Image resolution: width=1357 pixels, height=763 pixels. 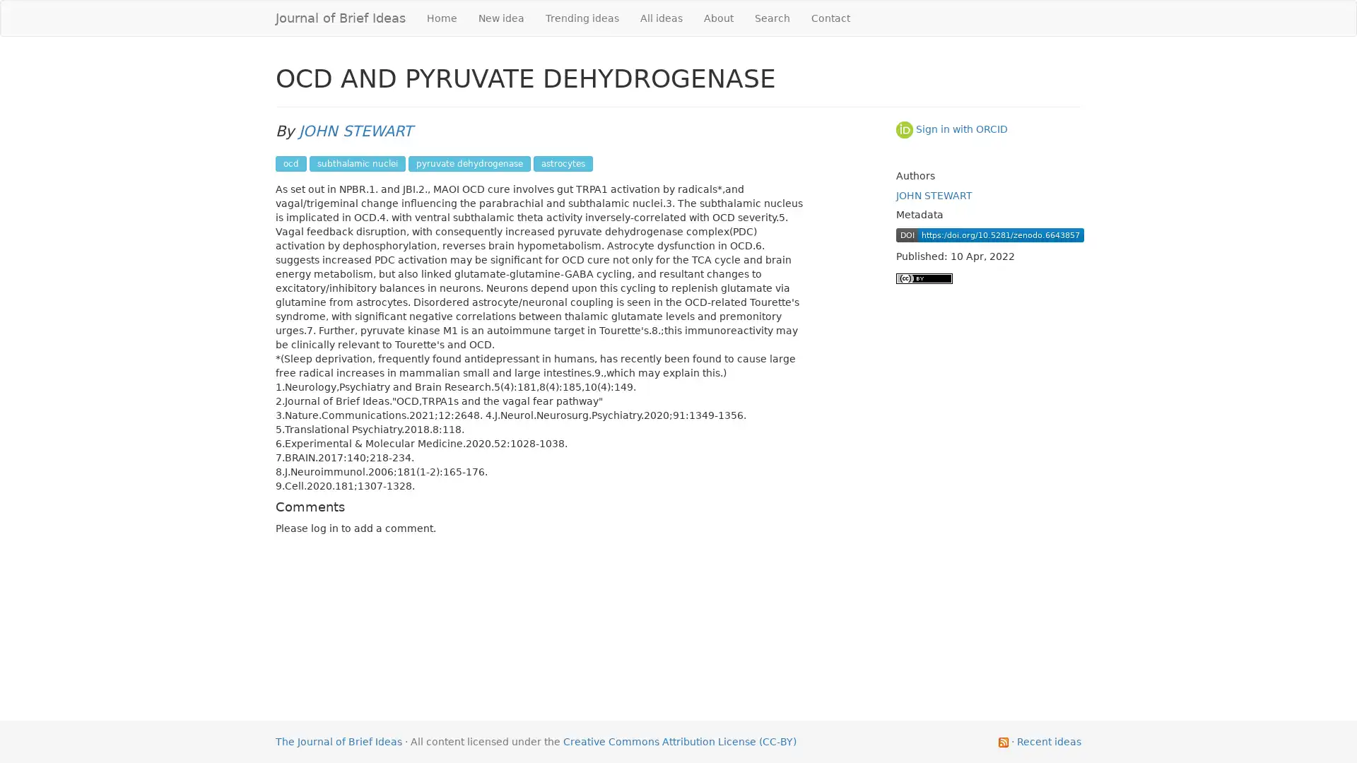 What do you see at coordinates (469, 162) in the screenshot?
I see `pyruvate dehydrogenase` at bounding box center [469, 162].